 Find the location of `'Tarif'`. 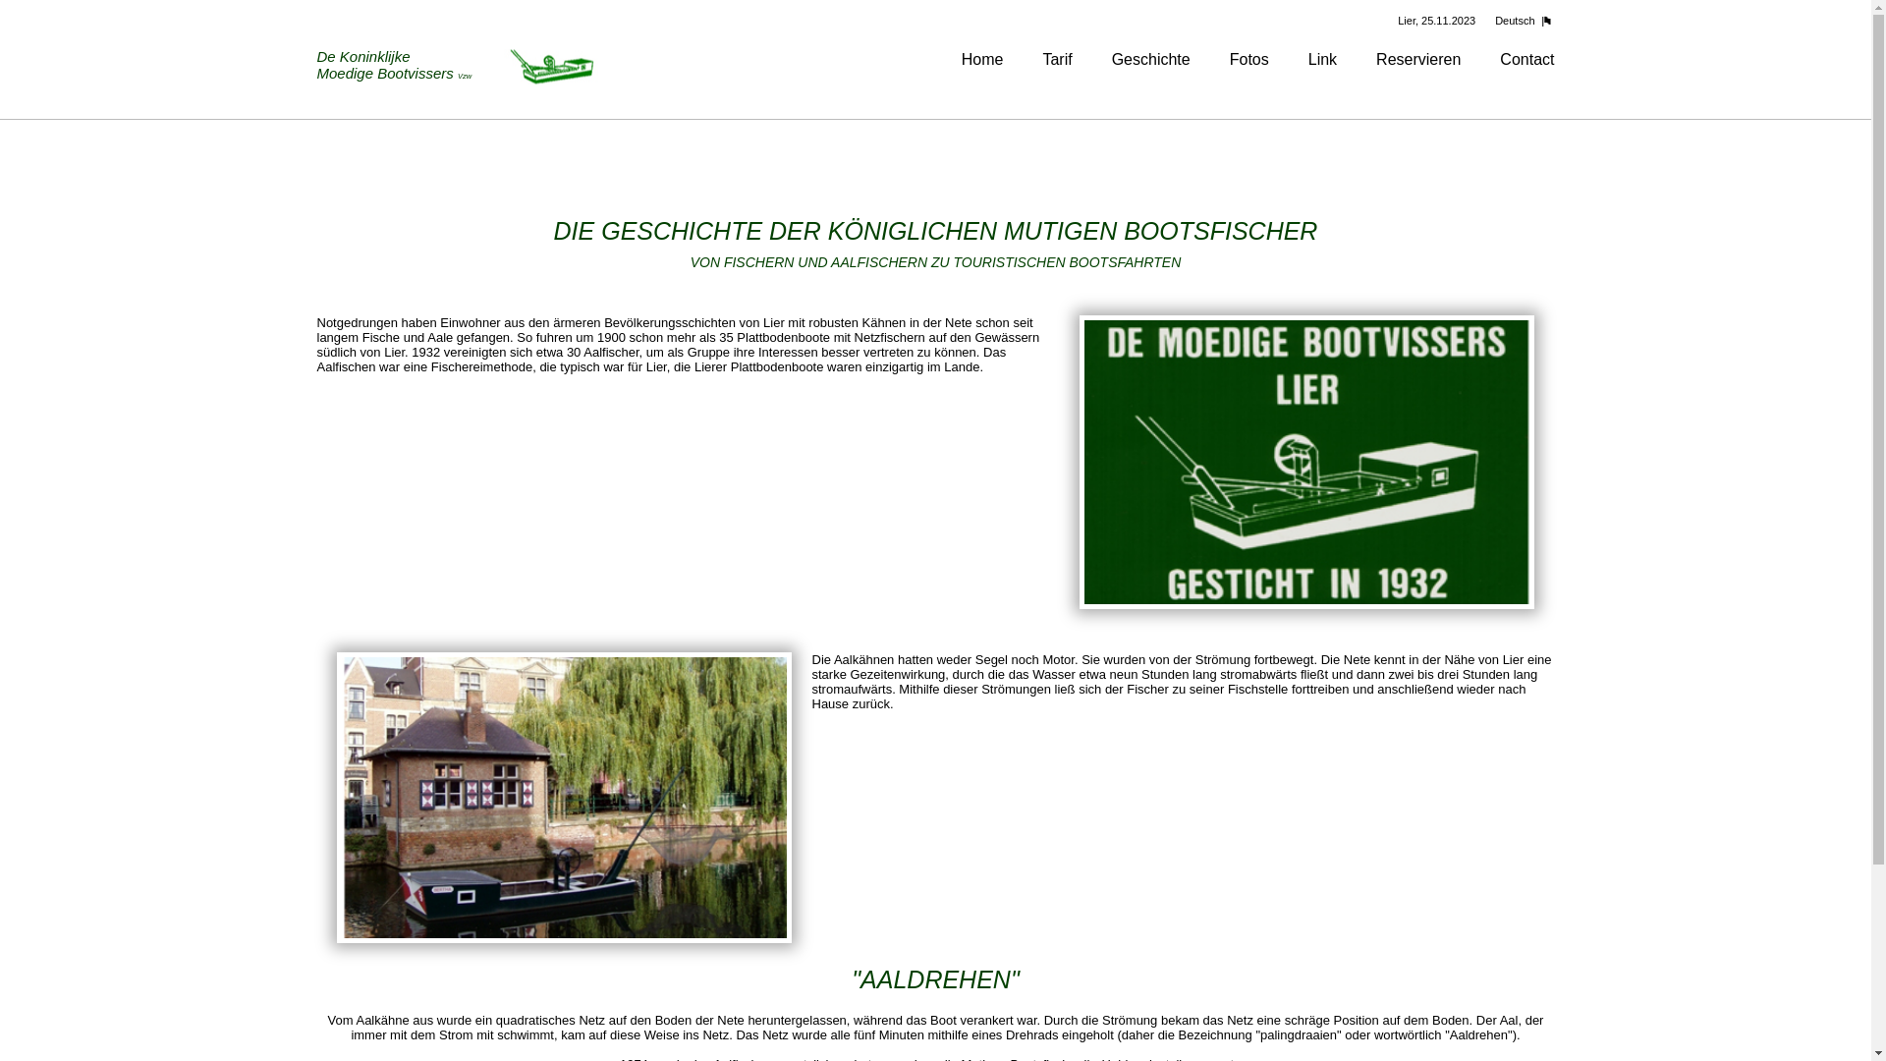

'Tarif' is located at coordinates (1055, 58).